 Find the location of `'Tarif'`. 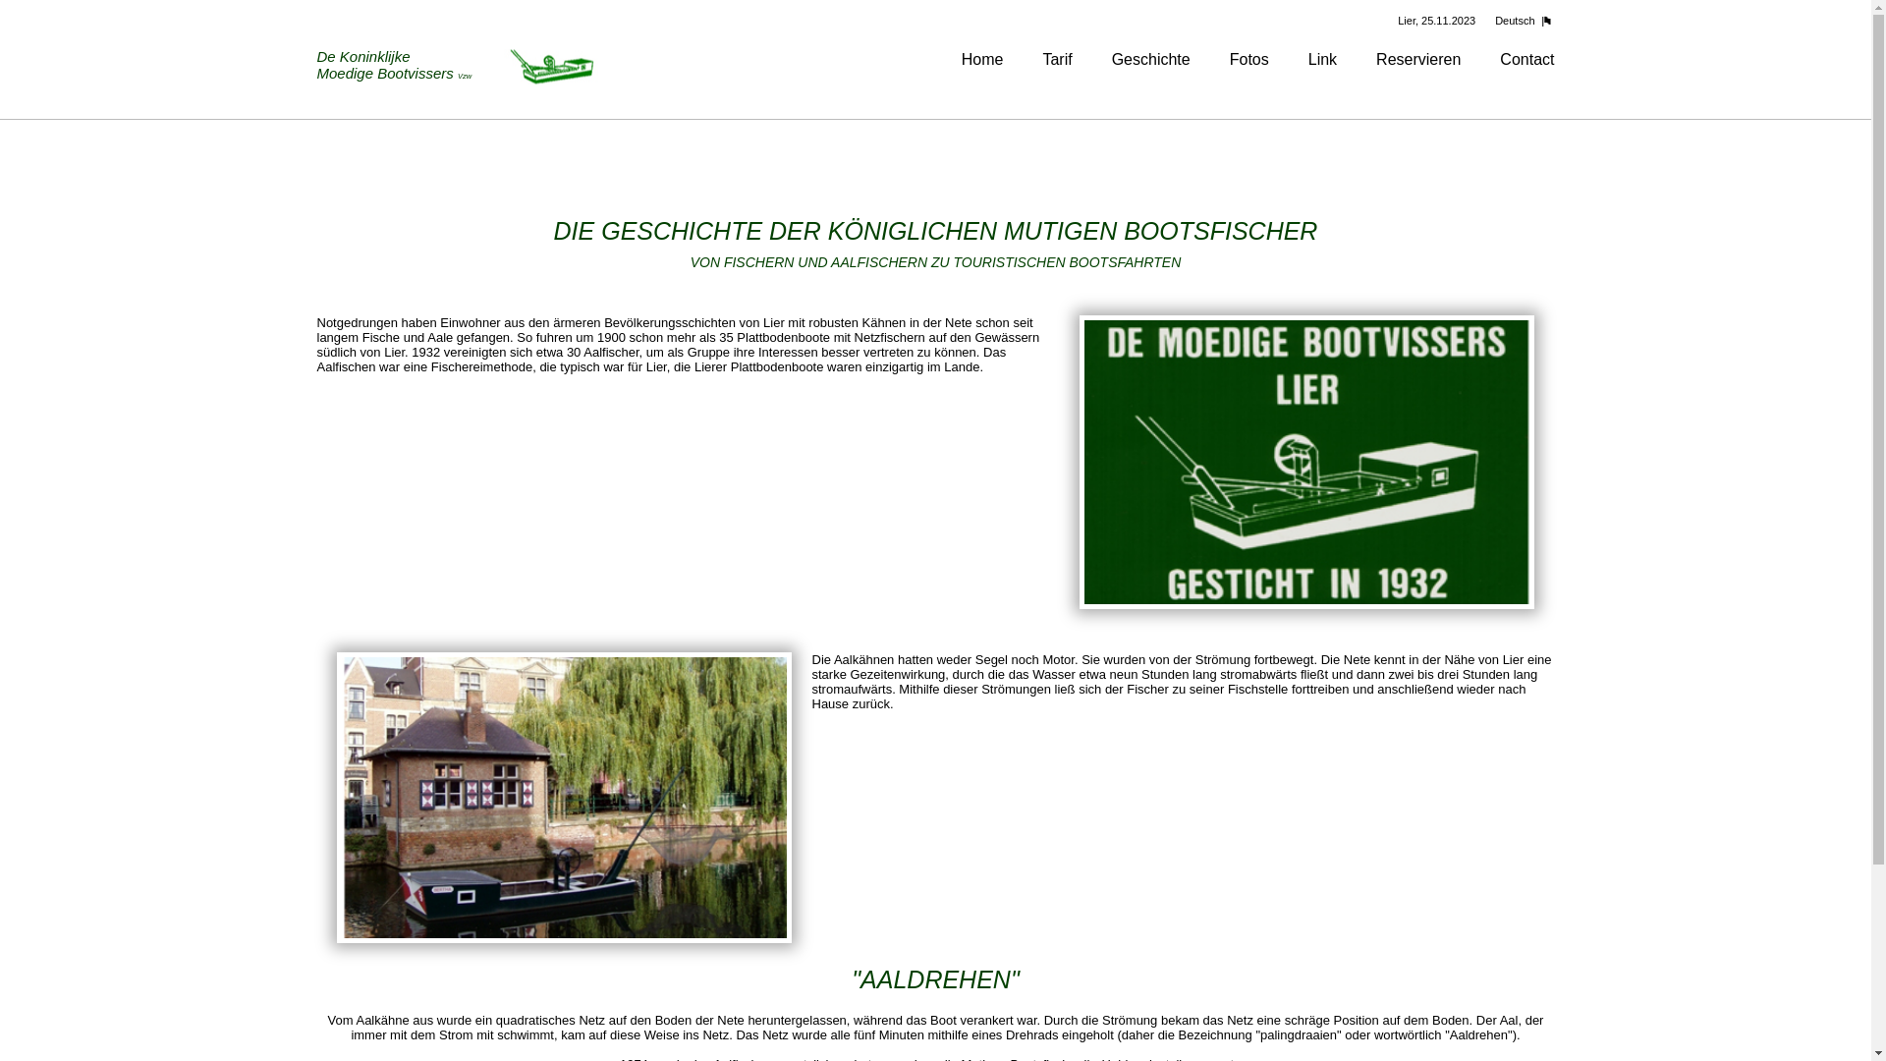

'Tarif' is located at coordinates (1055, 58).